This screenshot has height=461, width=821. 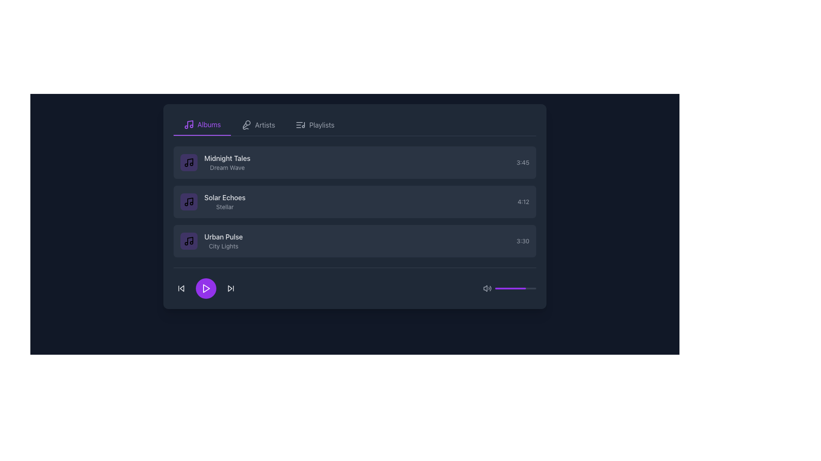 What do you see at coordinates (188, 241) in the screenshot?
I see `the music-related icon located in the third row of the menu, to the left of the text 'Urban Pulse' and the subtitle 'City Lights'` at bounding box center [188, 241].